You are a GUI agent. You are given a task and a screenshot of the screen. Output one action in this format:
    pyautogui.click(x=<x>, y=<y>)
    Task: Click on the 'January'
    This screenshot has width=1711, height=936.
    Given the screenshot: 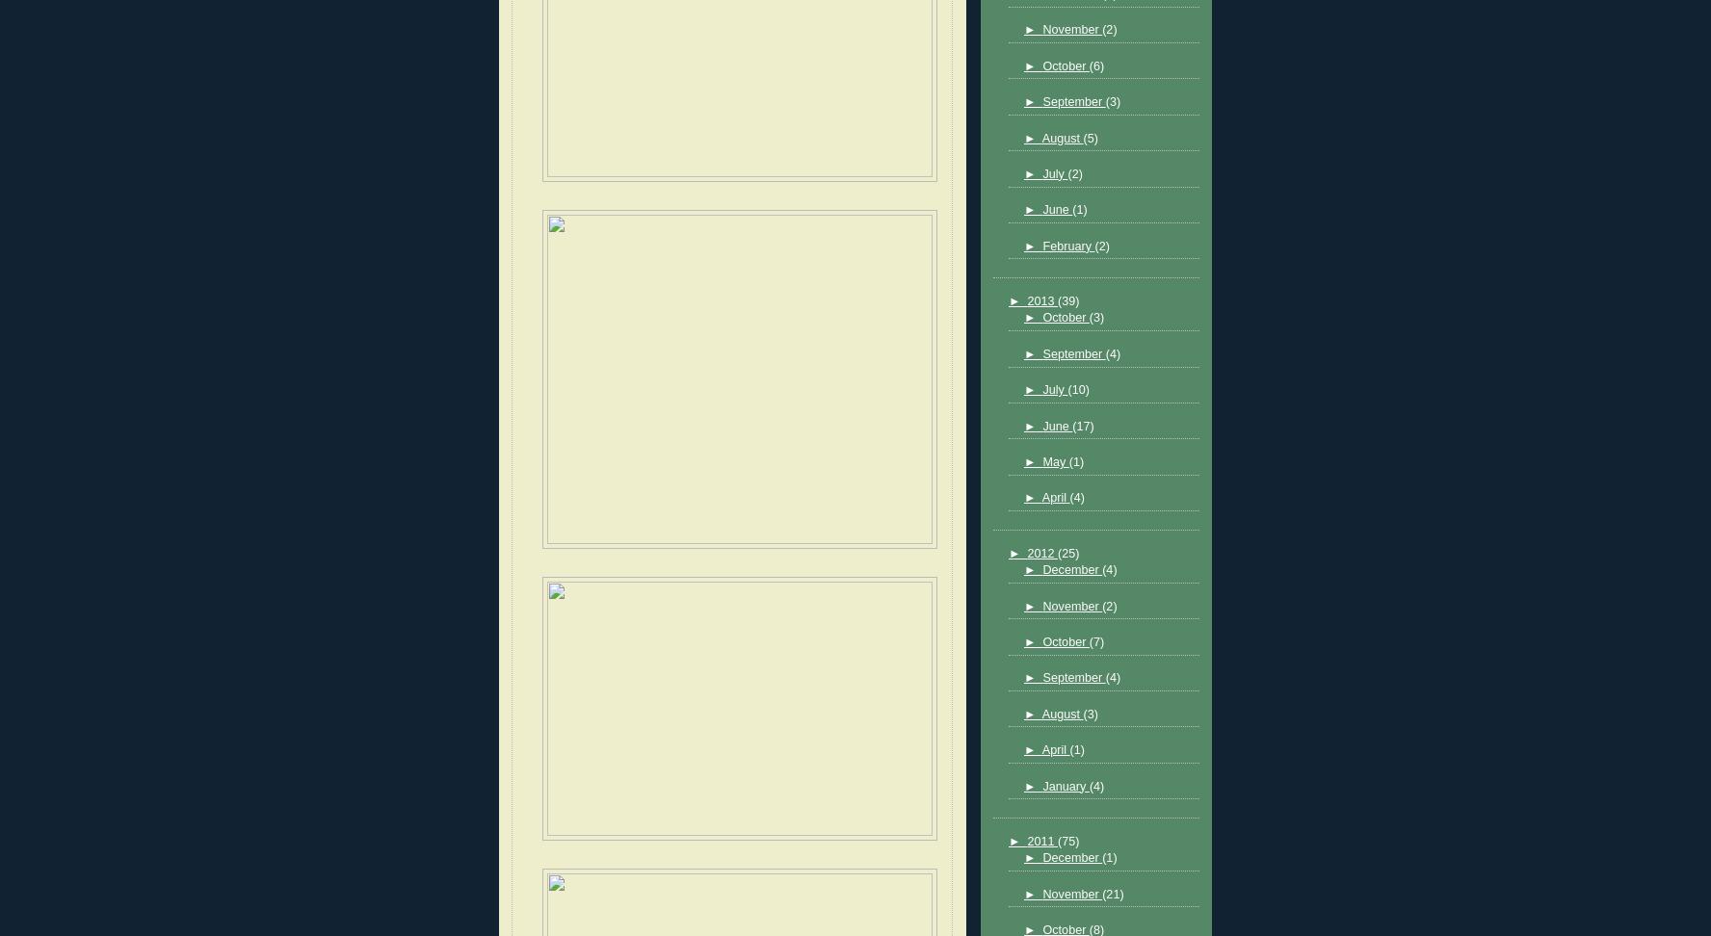 What is the action you would take?
    pyautogui.click(x=1064, y=784)
    